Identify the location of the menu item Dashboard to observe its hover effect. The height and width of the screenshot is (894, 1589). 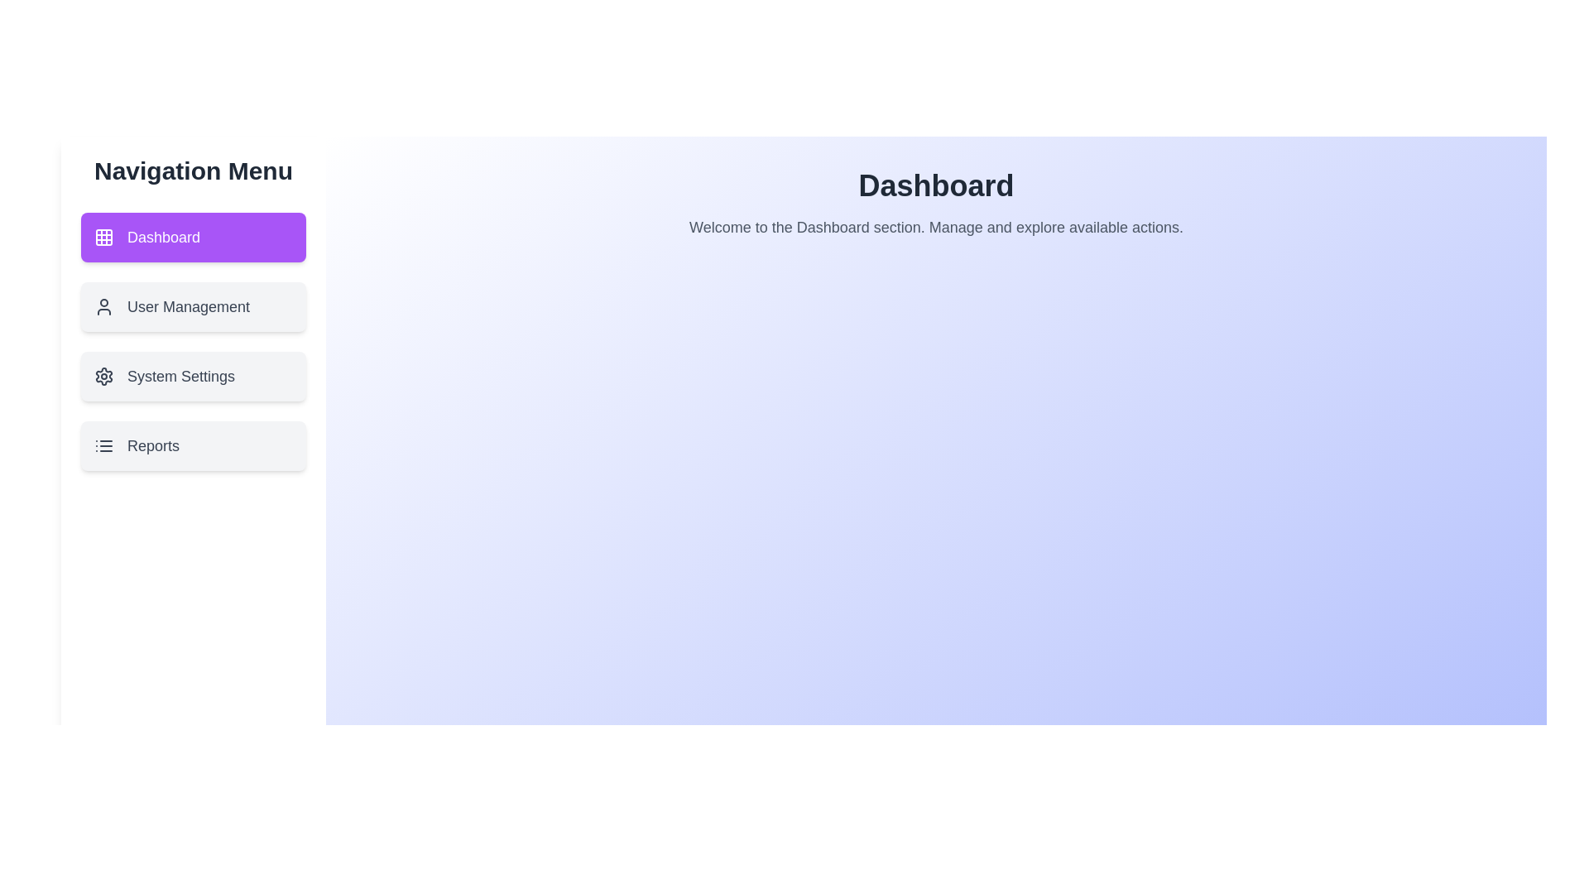
(194, 237).